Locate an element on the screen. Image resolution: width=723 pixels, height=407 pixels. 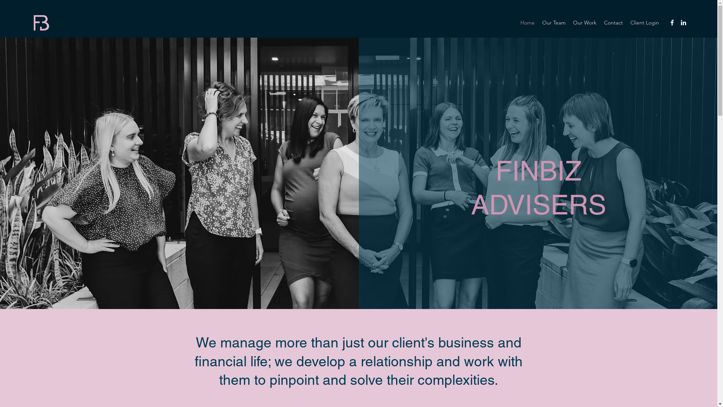
'Client Login' is located at coordinates (627, 22).